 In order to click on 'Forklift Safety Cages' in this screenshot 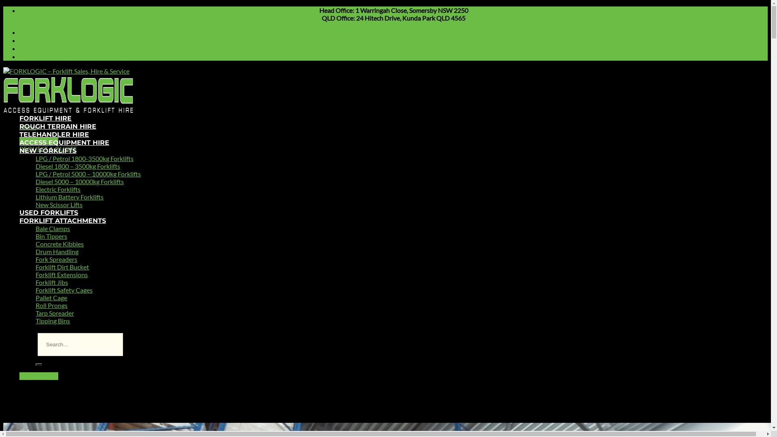, I will do `click(64, 289)`.